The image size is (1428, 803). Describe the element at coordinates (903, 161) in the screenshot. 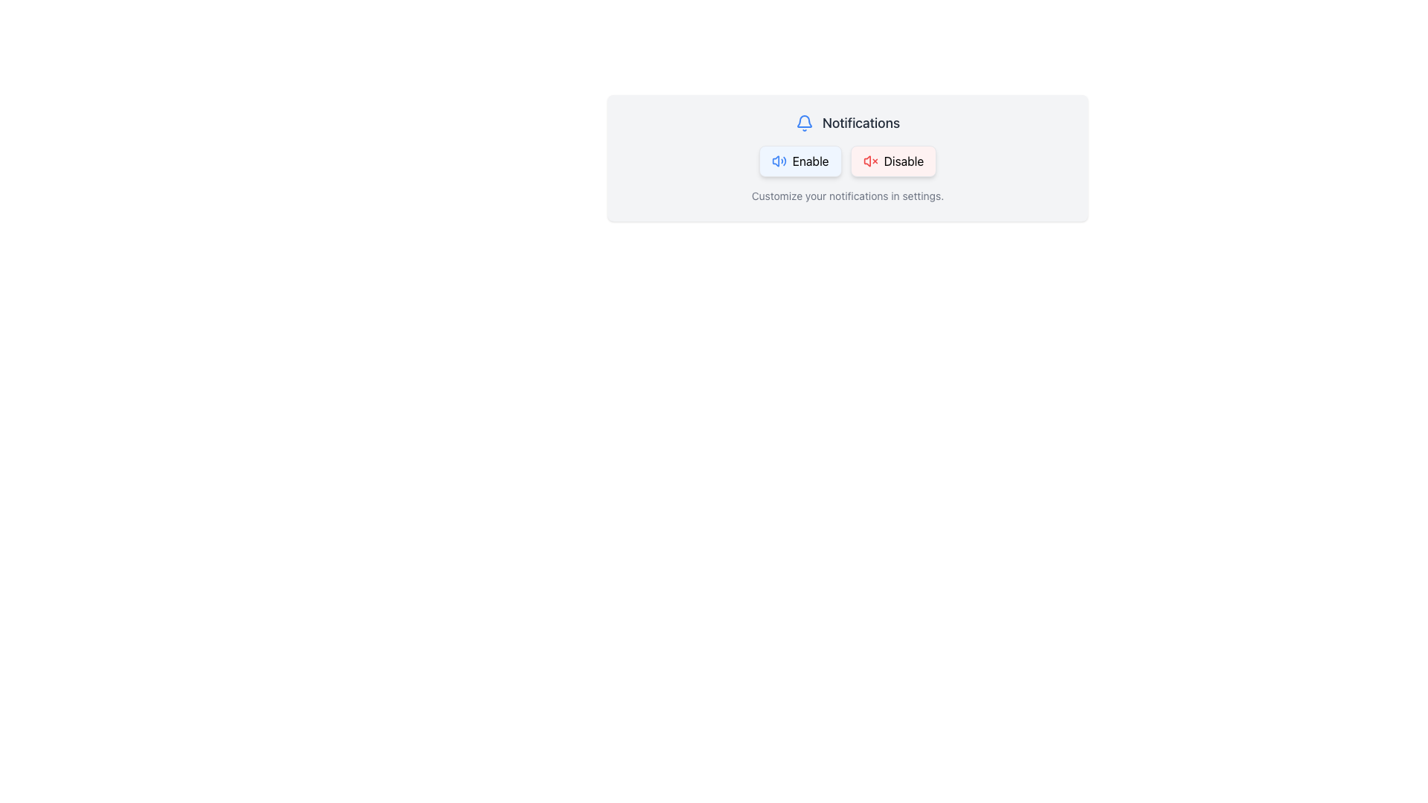

I see `the Text Label indicating the status of notifications, positioned to the right of the 'Enable' button` at that location.